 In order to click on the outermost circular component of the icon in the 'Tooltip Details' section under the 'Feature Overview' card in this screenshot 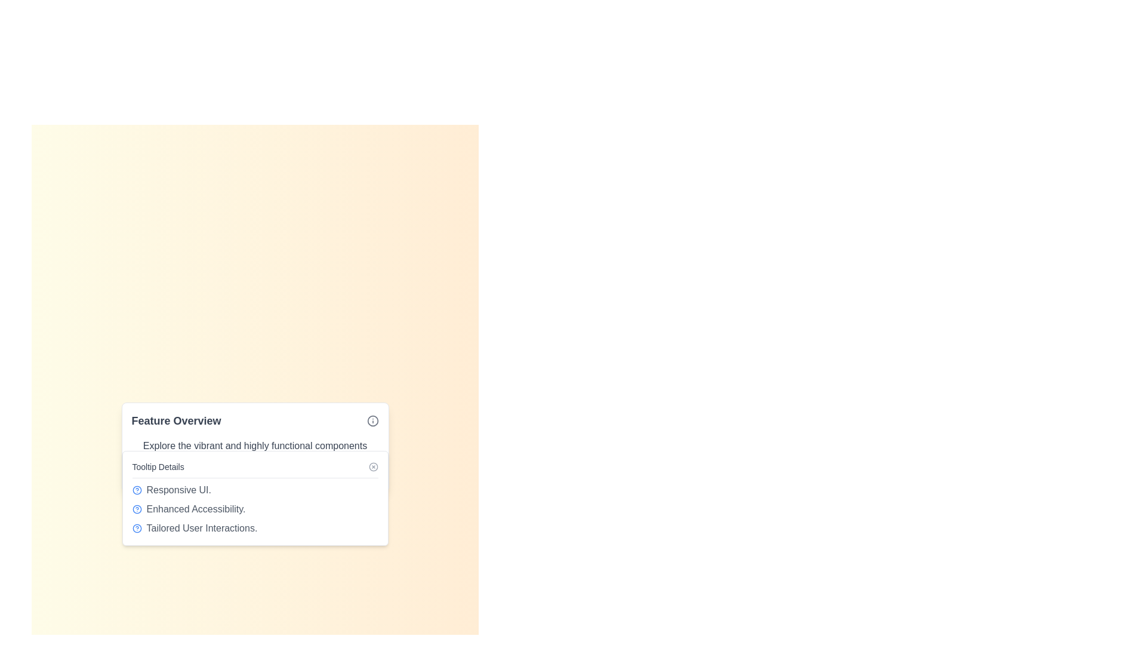, I will do `click(137, 509)`.